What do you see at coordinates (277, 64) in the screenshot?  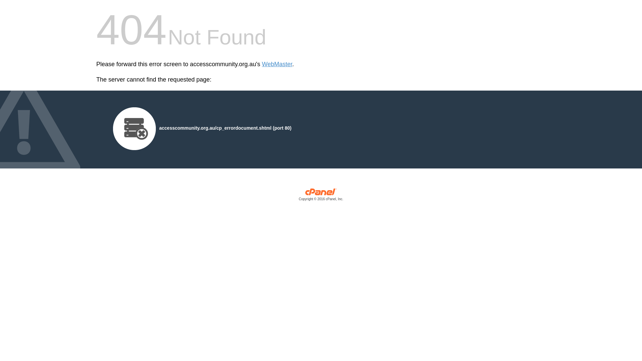 I see `'WebMaster'` at bounding box center [277, 64].